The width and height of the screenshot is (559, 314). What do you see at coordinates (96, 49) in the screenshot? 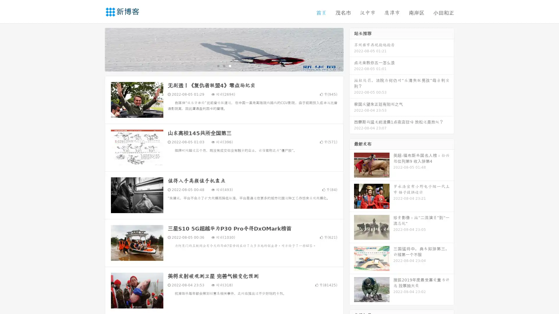
I see `Previous slide` at bounding box center [96, 49].